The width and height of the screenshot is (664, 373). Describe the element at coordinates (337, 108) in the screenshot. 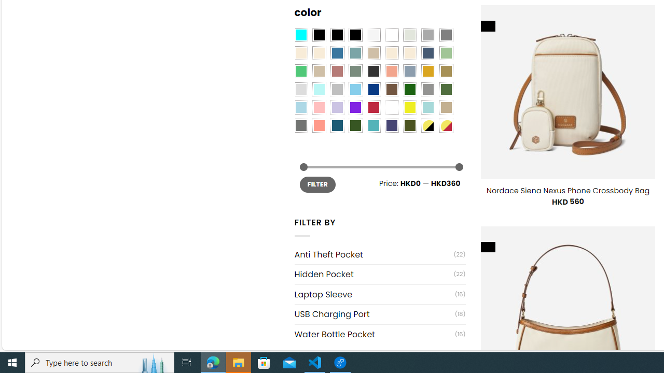

I see `'Light Purple'` at that location.